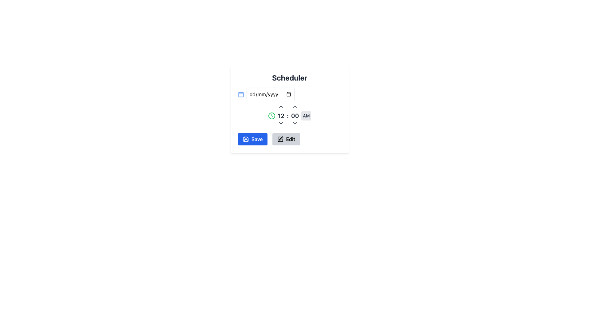  Describe the element at coordinates (281, 106) in the screenshot. I see `the upward chevron button located directly above the '12' numeric indicator to enable keyboard interaction` at that location.